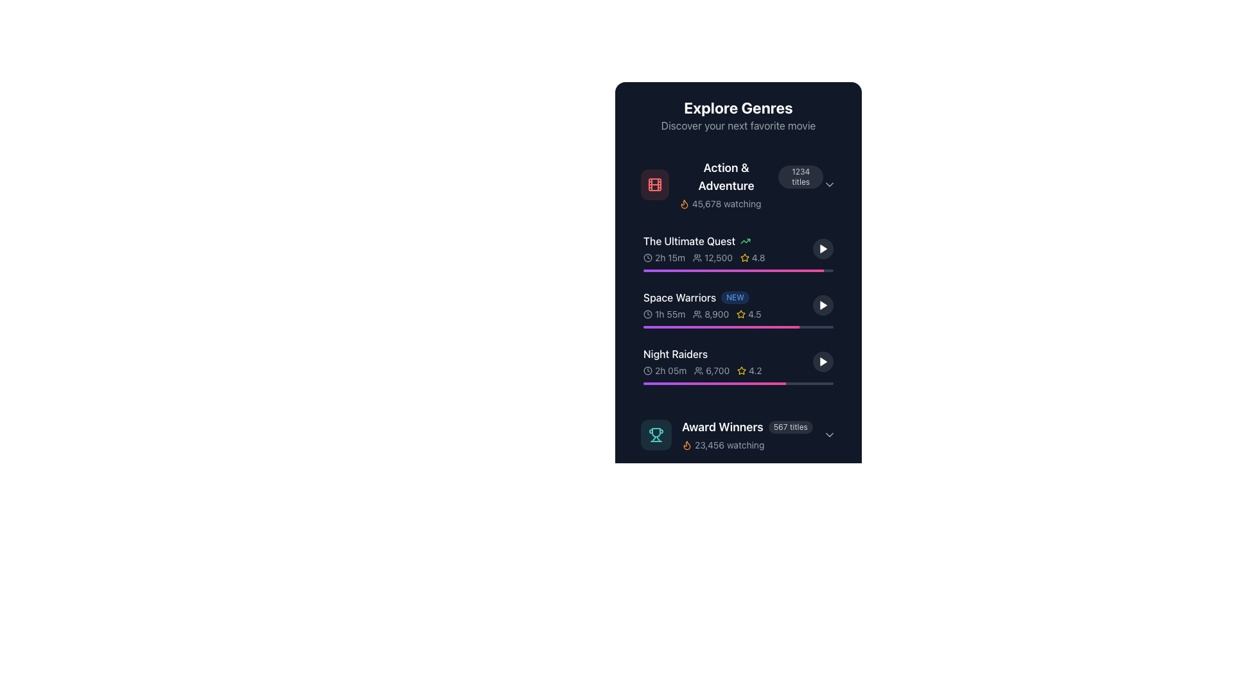 The image size is (1233, 693). Describe the element at coordinates (698, 371) in the screenshot. I see `the user icon which resembles a group of three individuals, located to the left of the numeric text '6,700' in the fourth row of the list` at that location.